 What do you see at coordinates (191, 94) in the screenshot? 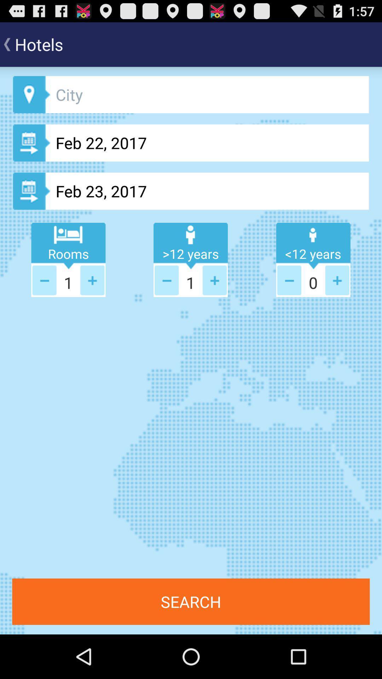
I see `city` at bounding box center [191, 94].